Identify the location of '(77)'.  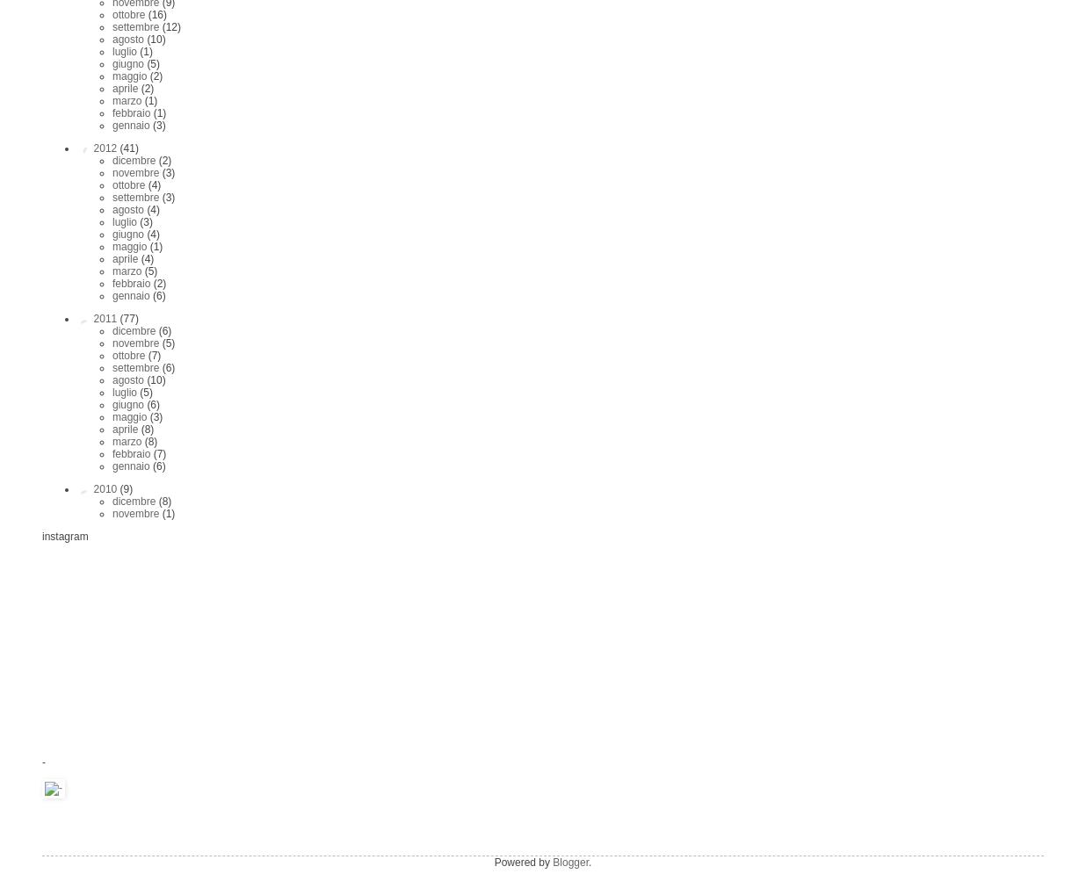
(128, 316).